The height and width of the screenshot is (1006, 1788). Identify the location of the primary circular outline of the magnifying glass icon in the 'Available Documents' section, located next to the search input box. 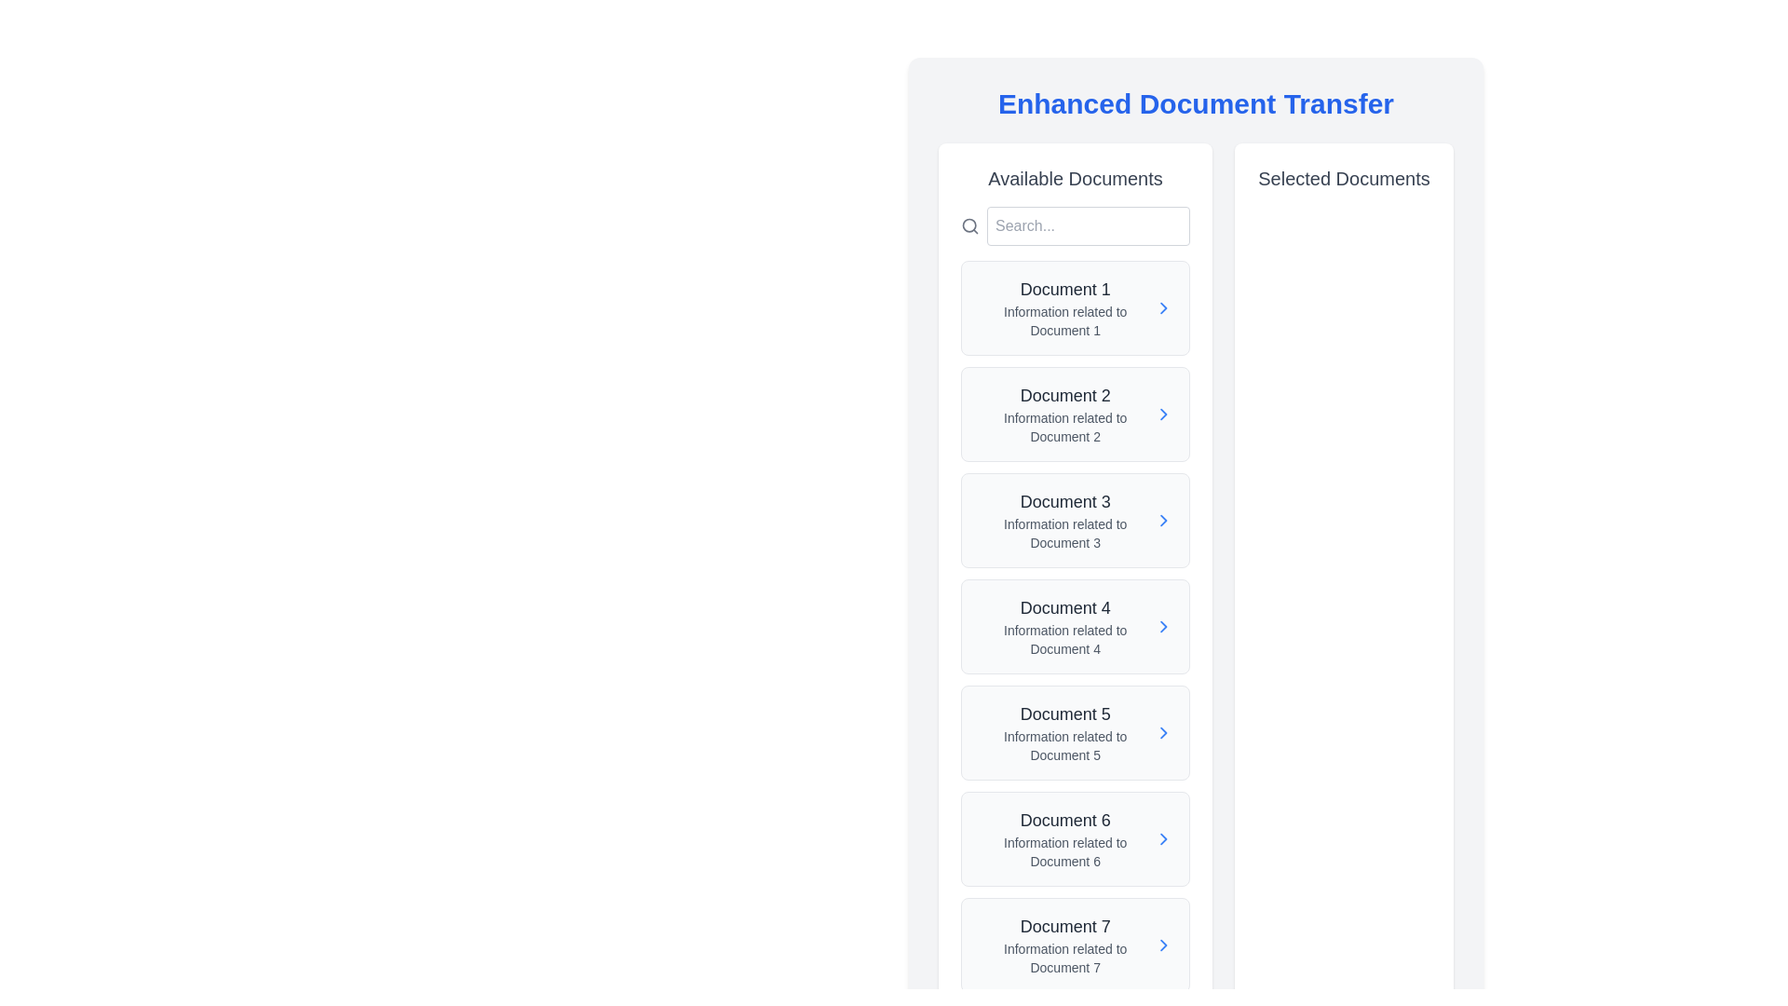
(968, 224).